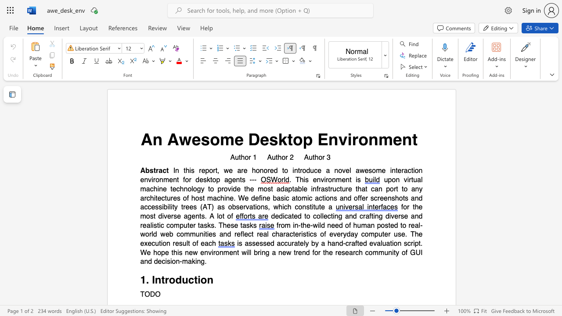  Describe the element at coordinates (205, 139) in the screenshot. I see `the 1th character "s" in the text` at that location.